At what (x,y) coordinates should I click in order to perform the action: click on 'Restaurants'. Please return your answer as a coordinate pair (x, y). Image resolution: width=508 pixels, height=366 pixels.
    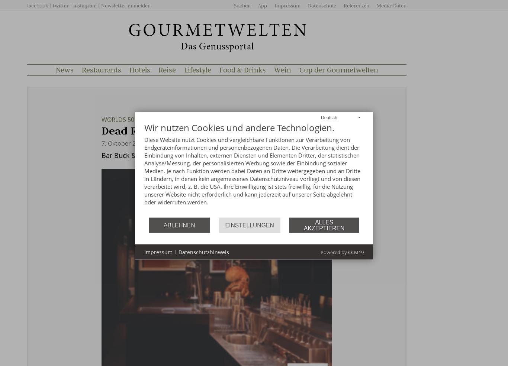
    Looking at the image, I should click on (81, 70).